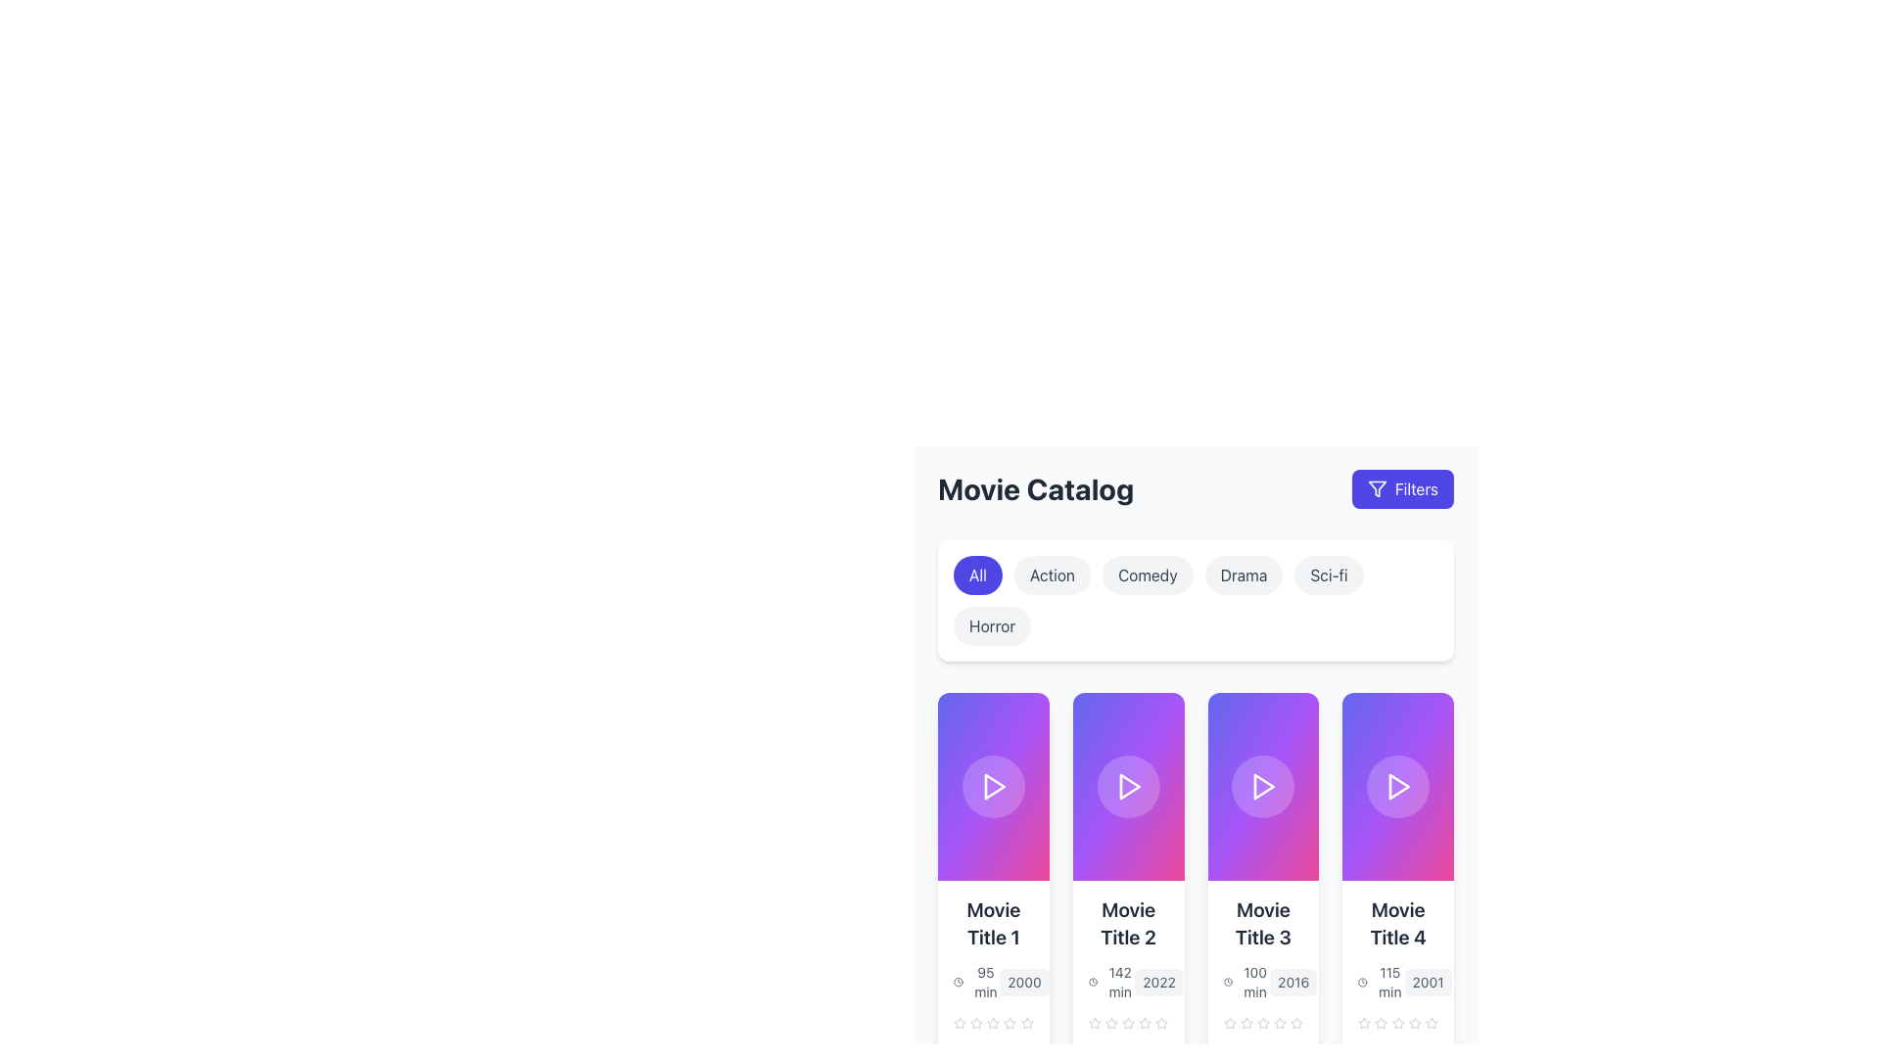  I want to click on the fifth star in the rating section of the movie card for 'Movie Title 2' to give a rating, so click(1161, 1022).